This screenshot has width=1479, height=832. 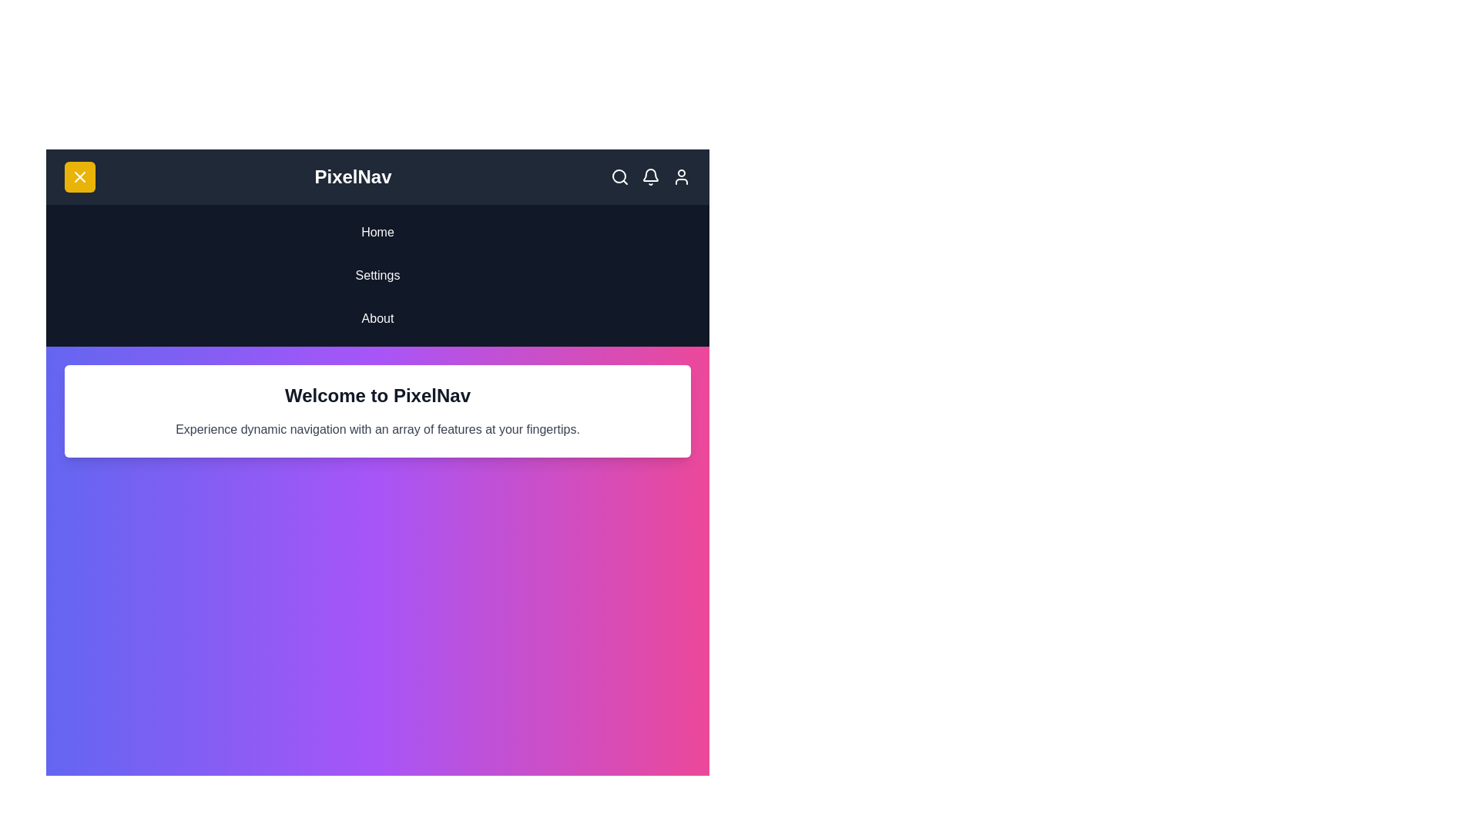 I want to click on the yellow button with the 'X' icon to toggle the visibility of the navigation menu, so click(x=79, y=176).